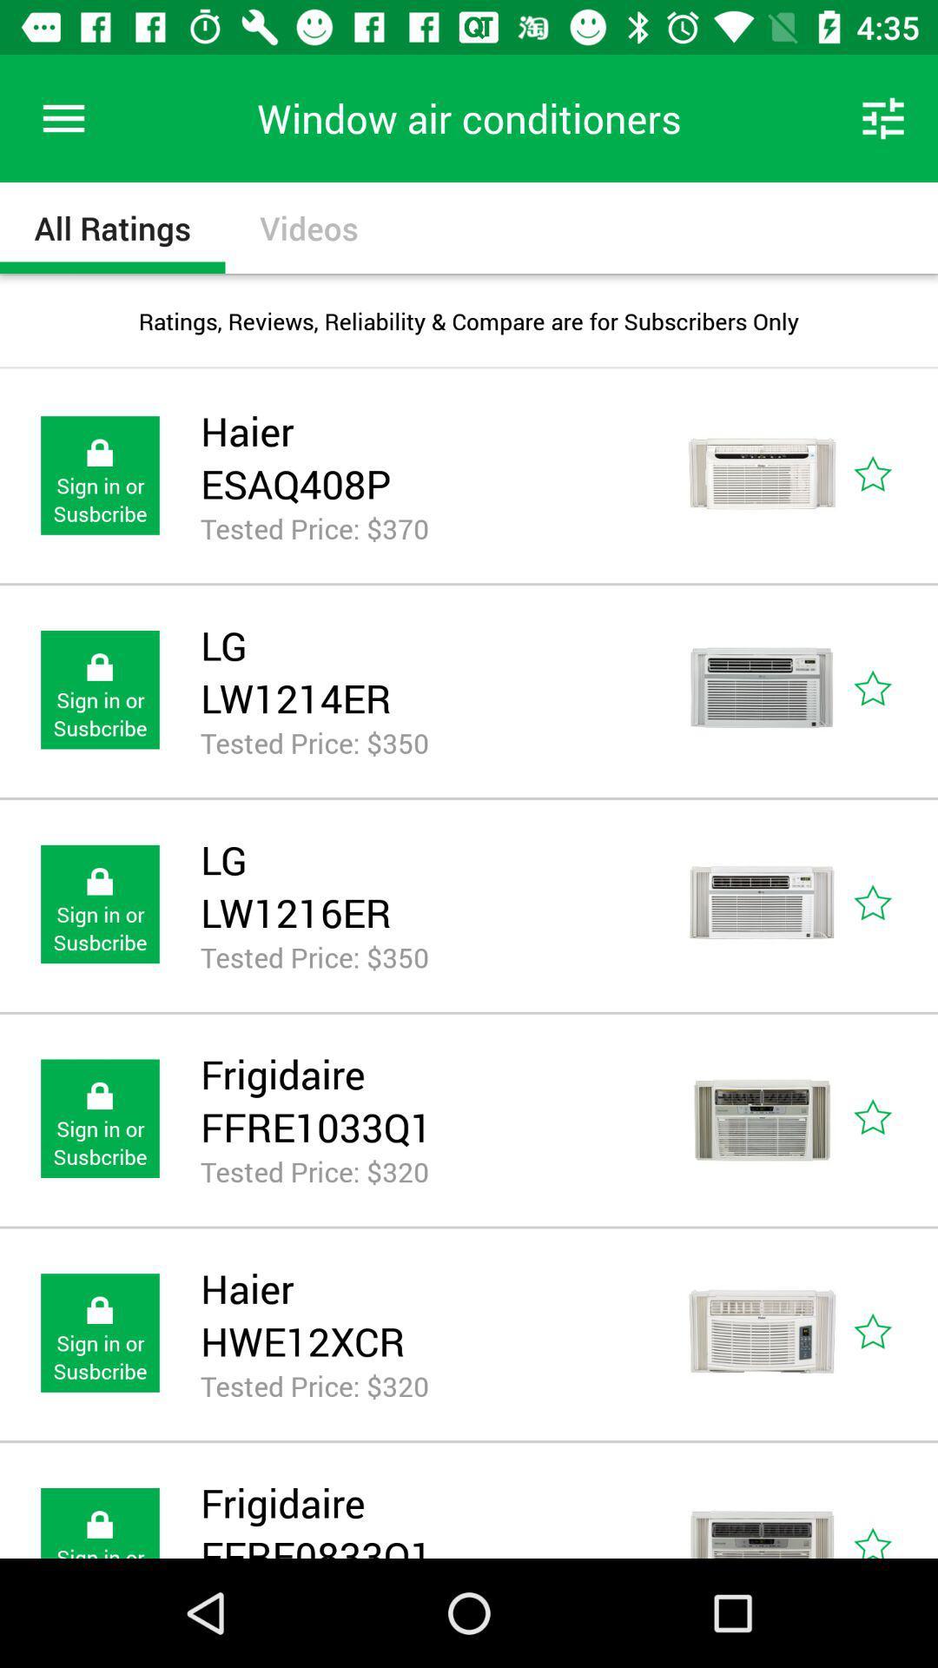 This screenshot has height=1668, width=938. I want to click on favourite, so click(892, 1332).